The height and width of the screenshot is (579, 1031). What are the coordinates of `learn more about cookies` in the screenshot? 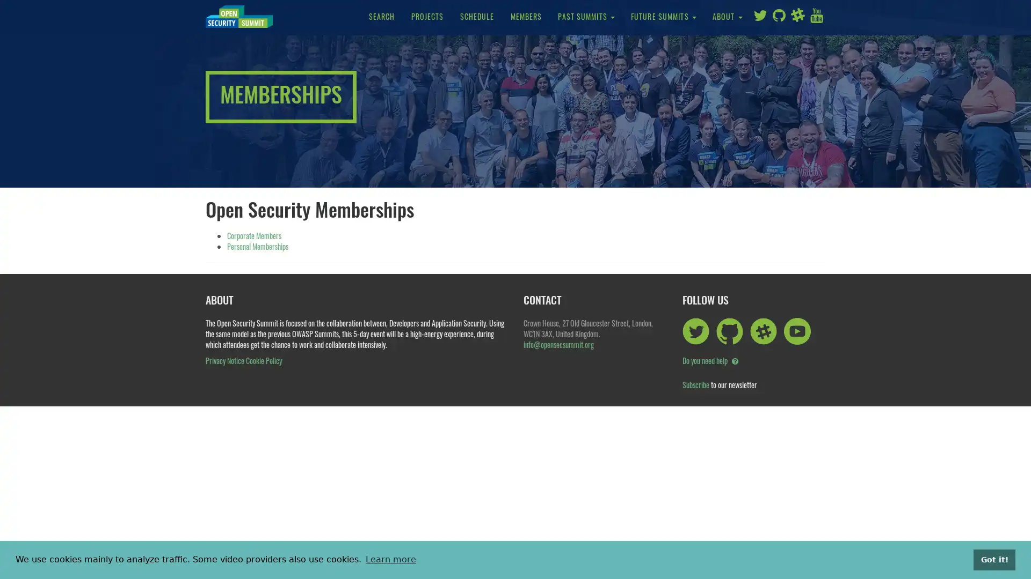 It's located at (390, 559).